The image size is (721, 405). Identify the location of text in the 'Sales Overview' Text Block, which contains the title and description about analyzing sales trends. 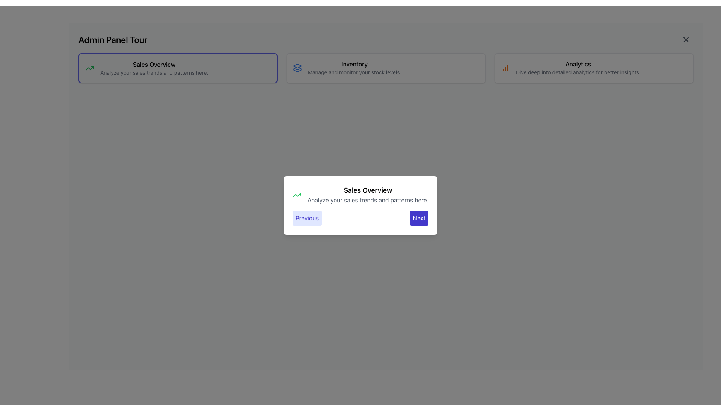
(368, 195).